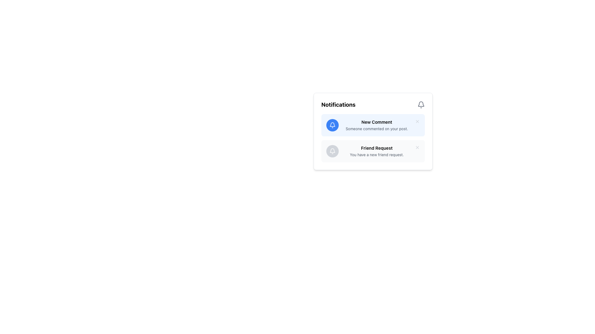 This screenshot has height=334, width=595. I want to click on the gray notification bell icon button located on the rightmost side of the Notifications header, so click(421, 105).